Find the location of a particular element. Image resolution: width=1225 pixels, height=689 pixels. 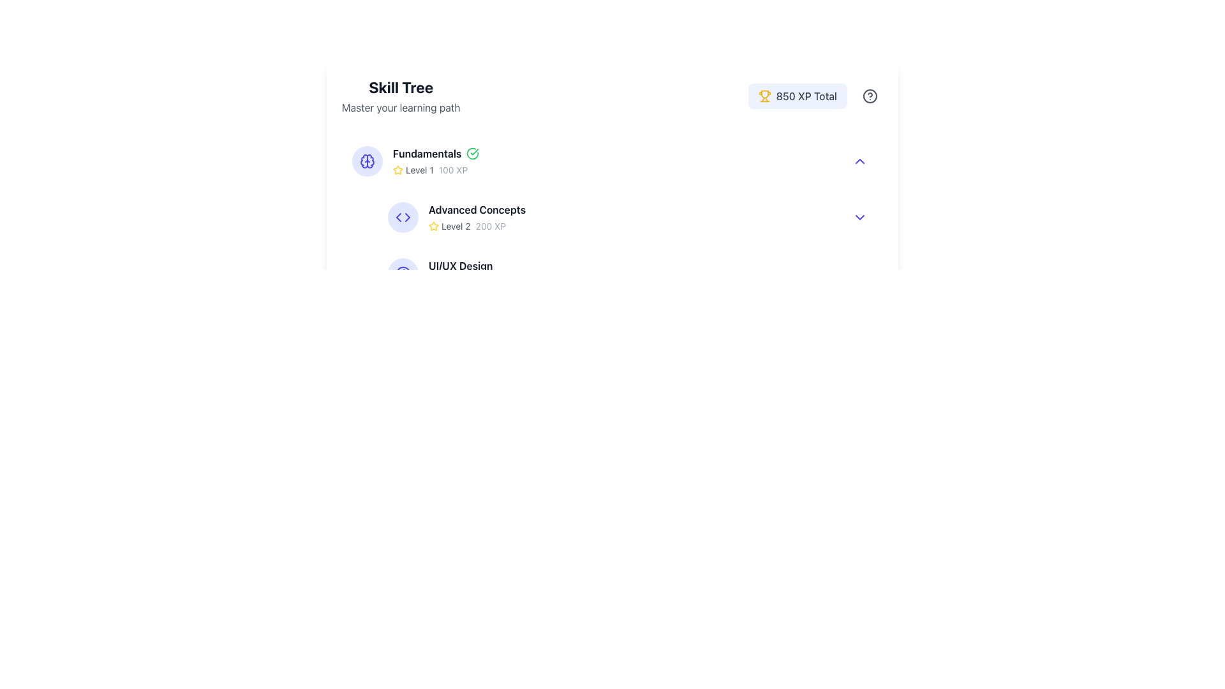

the 'Advanced Concepts' learning module card in the skill tree interface is located at coordinates (630, 216).